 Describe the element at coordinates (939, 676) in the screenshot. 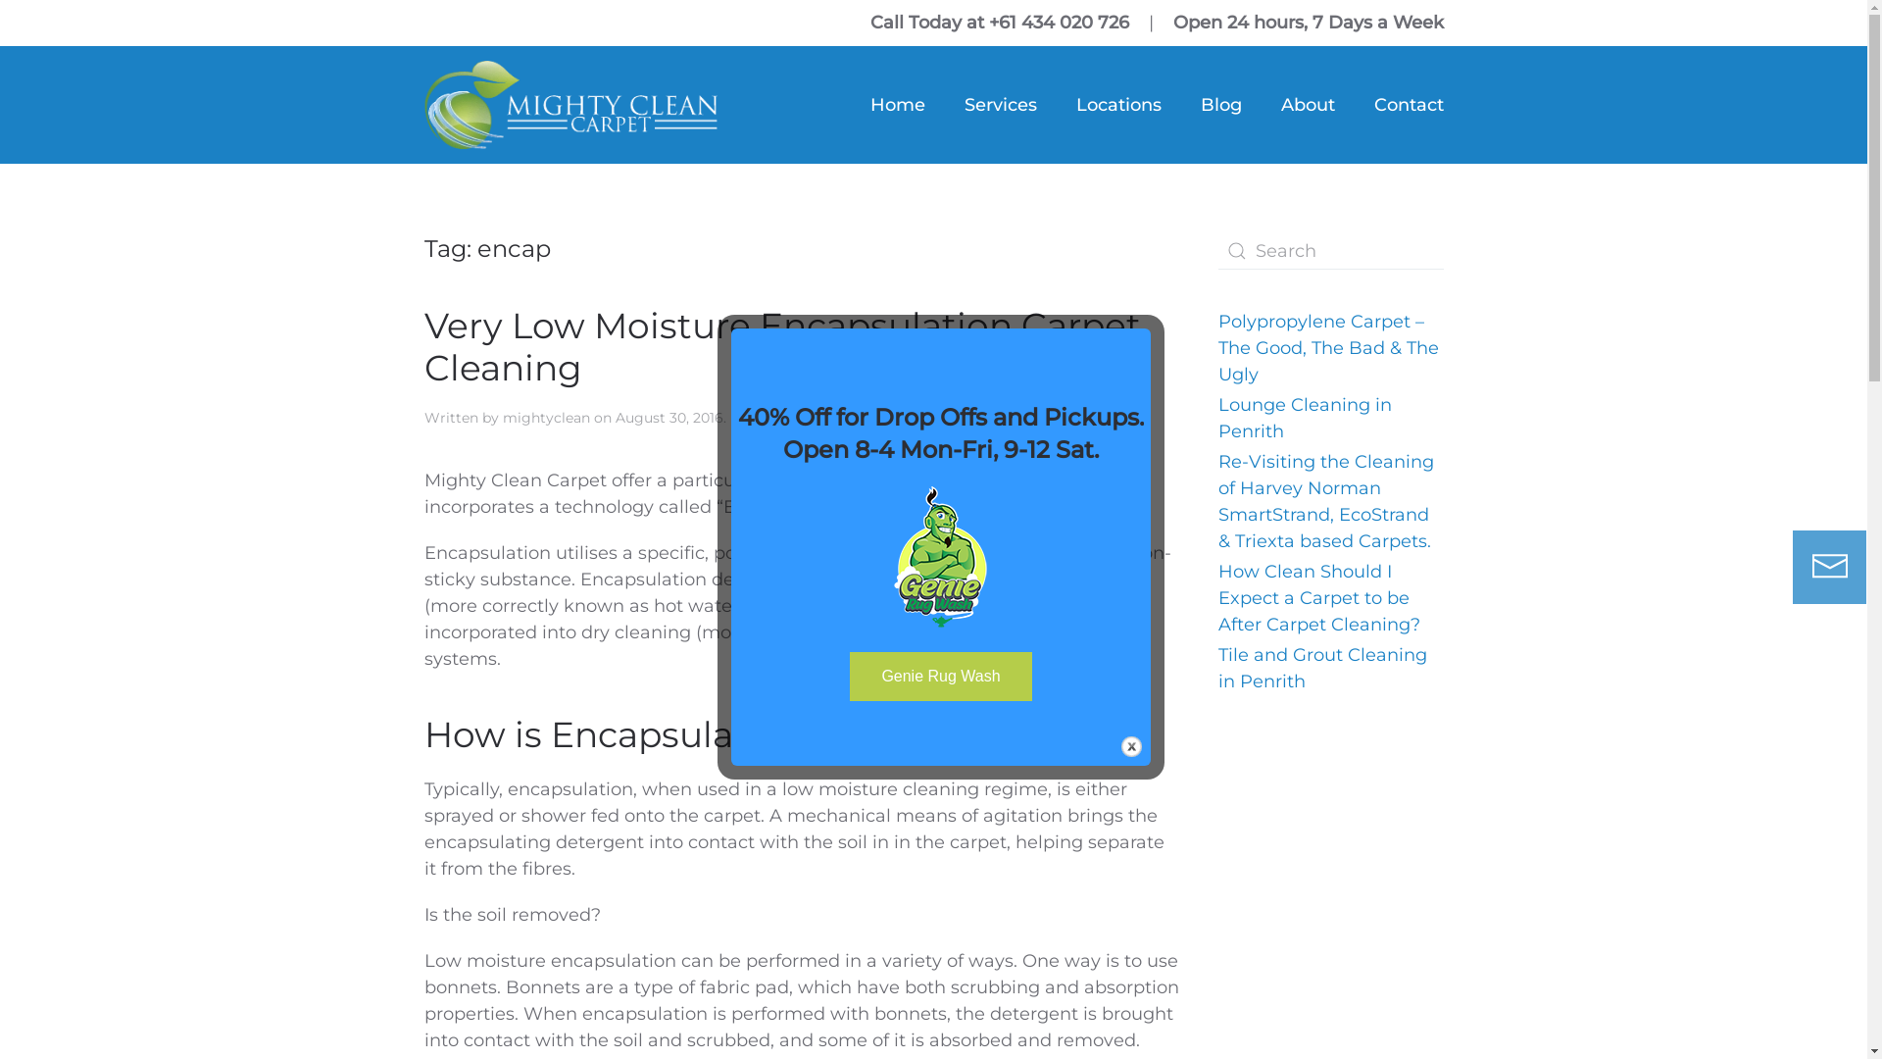

I see `'Genie Rug Wash'` at that location.